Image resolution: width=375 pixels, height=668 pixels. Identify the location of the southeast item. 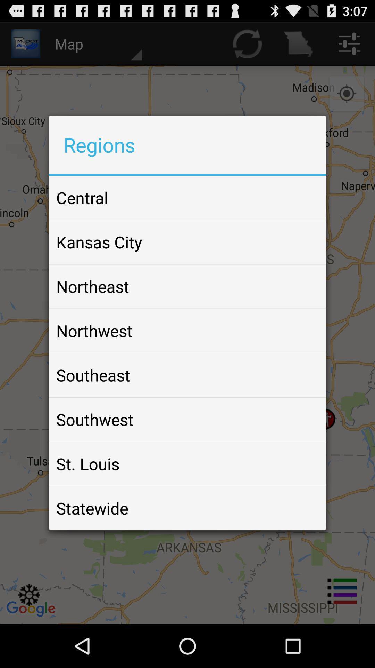
(93, 375).